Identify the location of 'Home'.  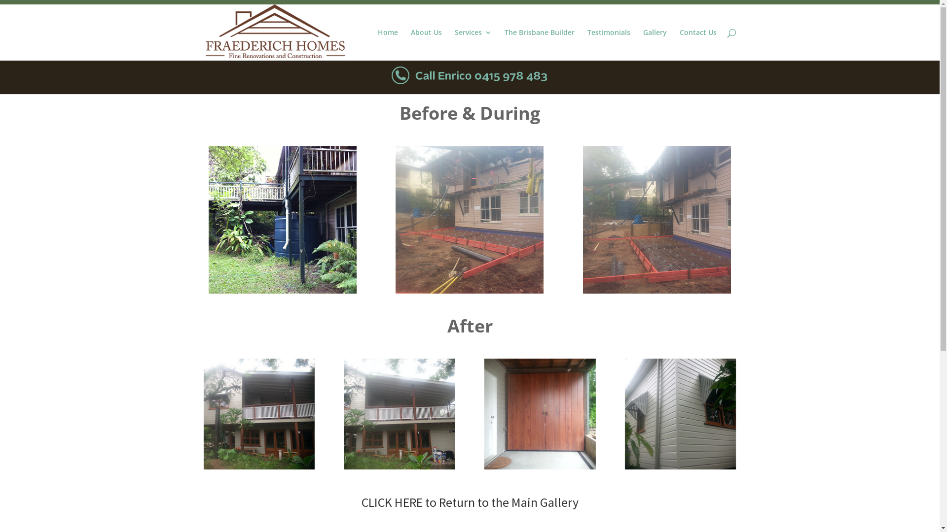
(387, 45).